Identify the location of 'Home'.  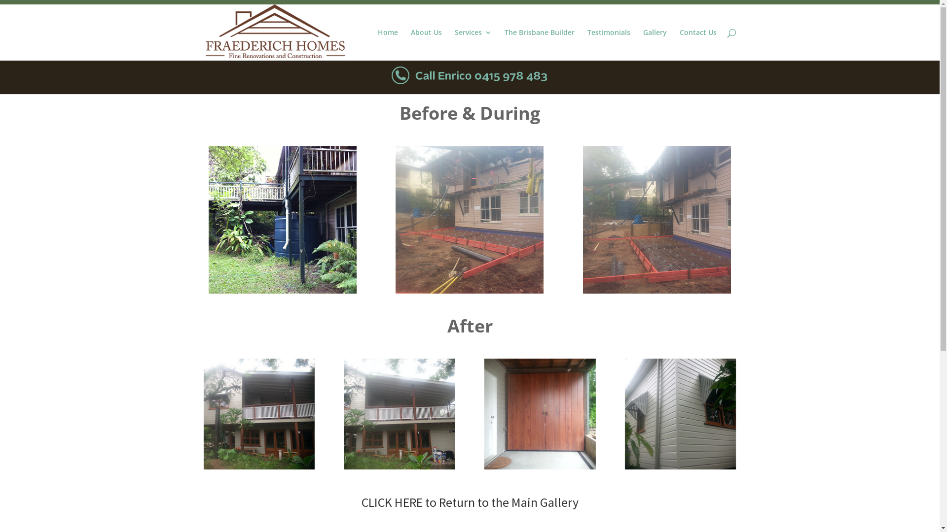
(387, 45).